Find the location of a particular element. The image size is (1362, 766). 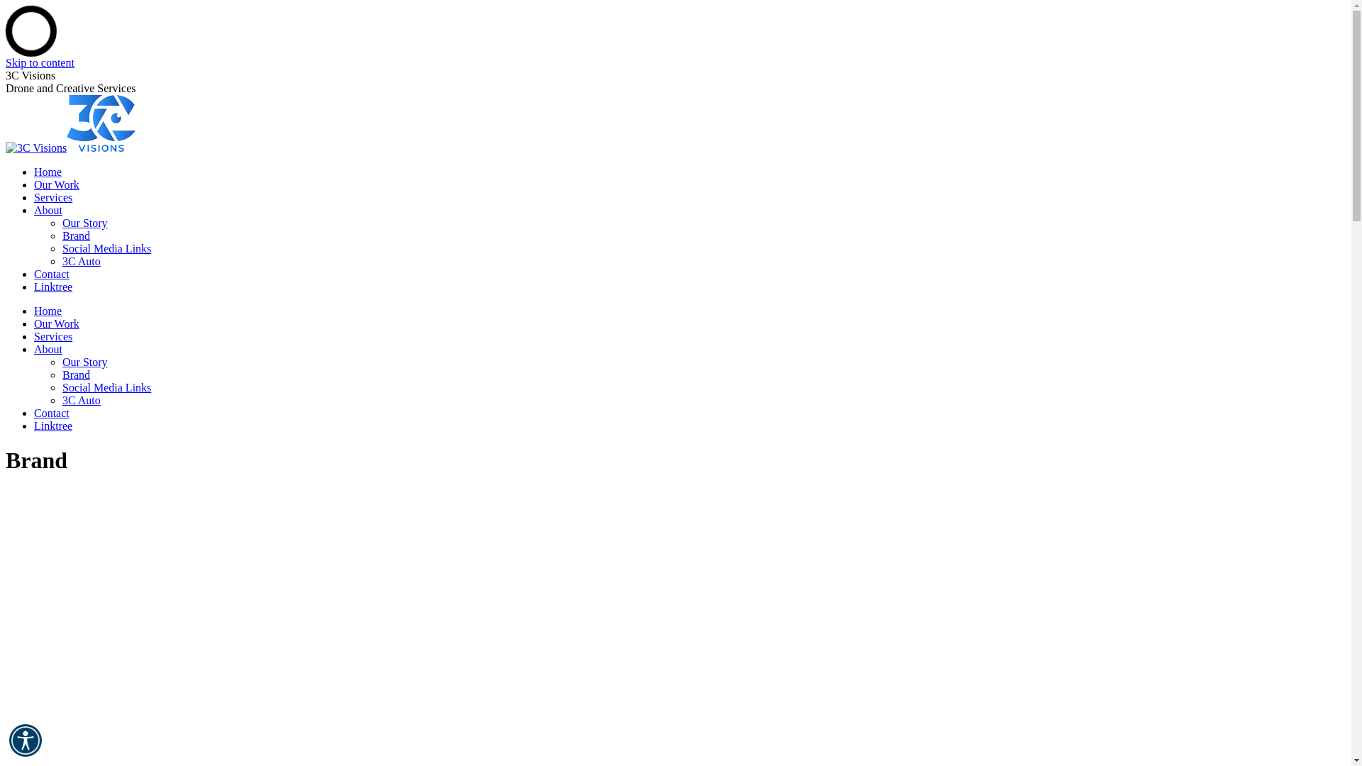

'Home' is located at coordinates (48, 310).